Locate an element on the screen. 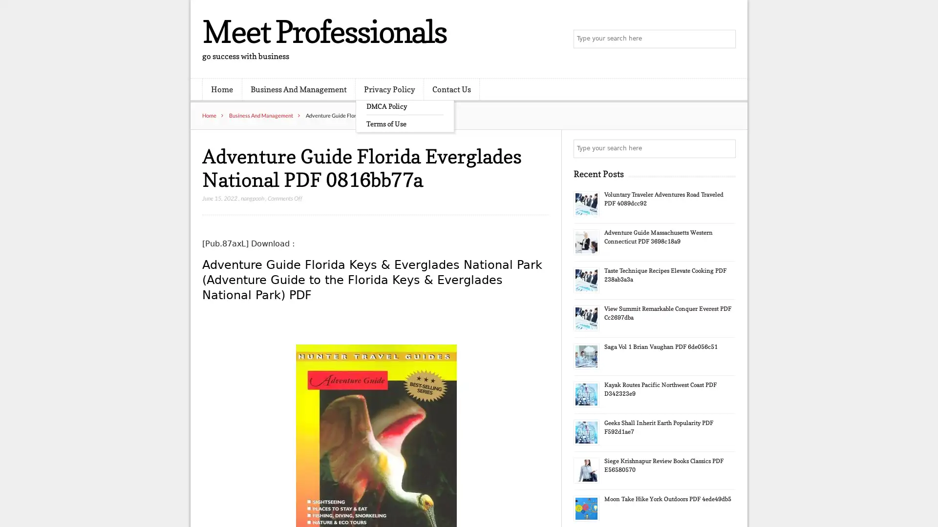  Search is located at coordinates (725, 39).